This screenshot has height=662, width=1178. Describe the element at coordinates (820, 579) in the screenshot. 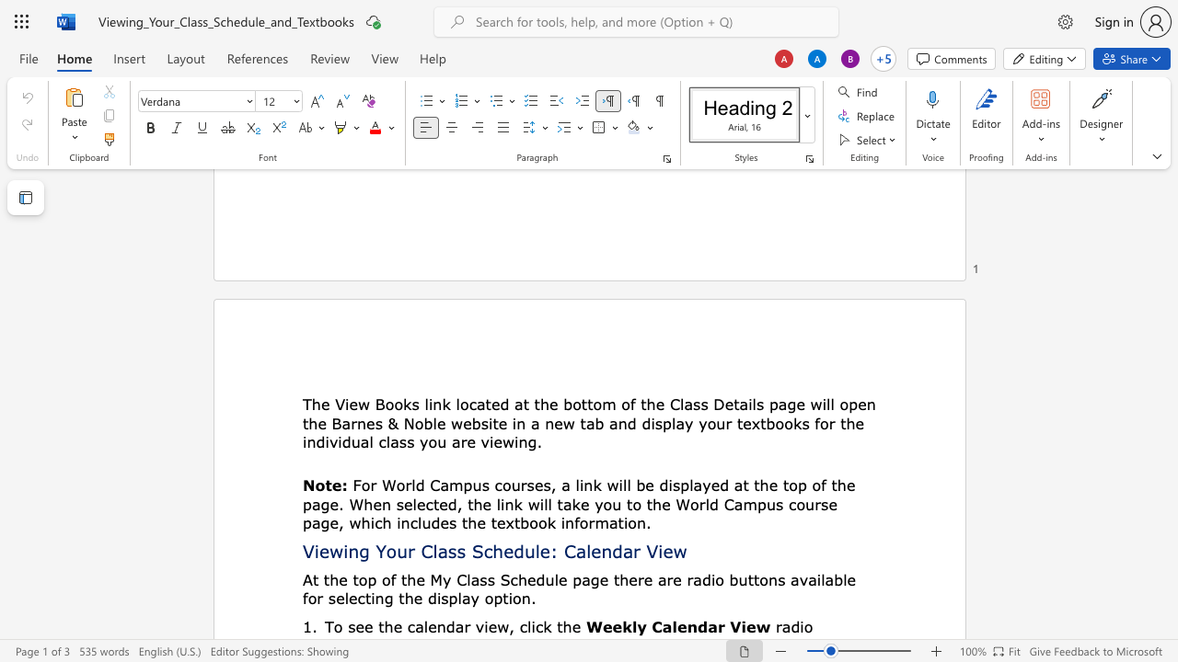

I see `the space between the continuous character "i" and "l" in the text` at that location.